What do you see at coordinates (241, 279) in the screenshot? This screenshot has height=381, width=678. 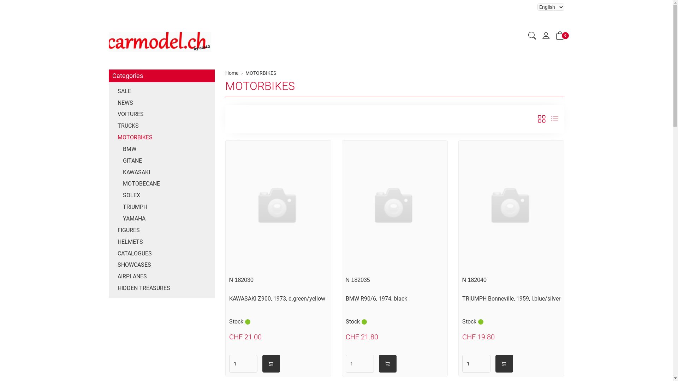 I see `'N 182030'` at bounding box center [241, 279].